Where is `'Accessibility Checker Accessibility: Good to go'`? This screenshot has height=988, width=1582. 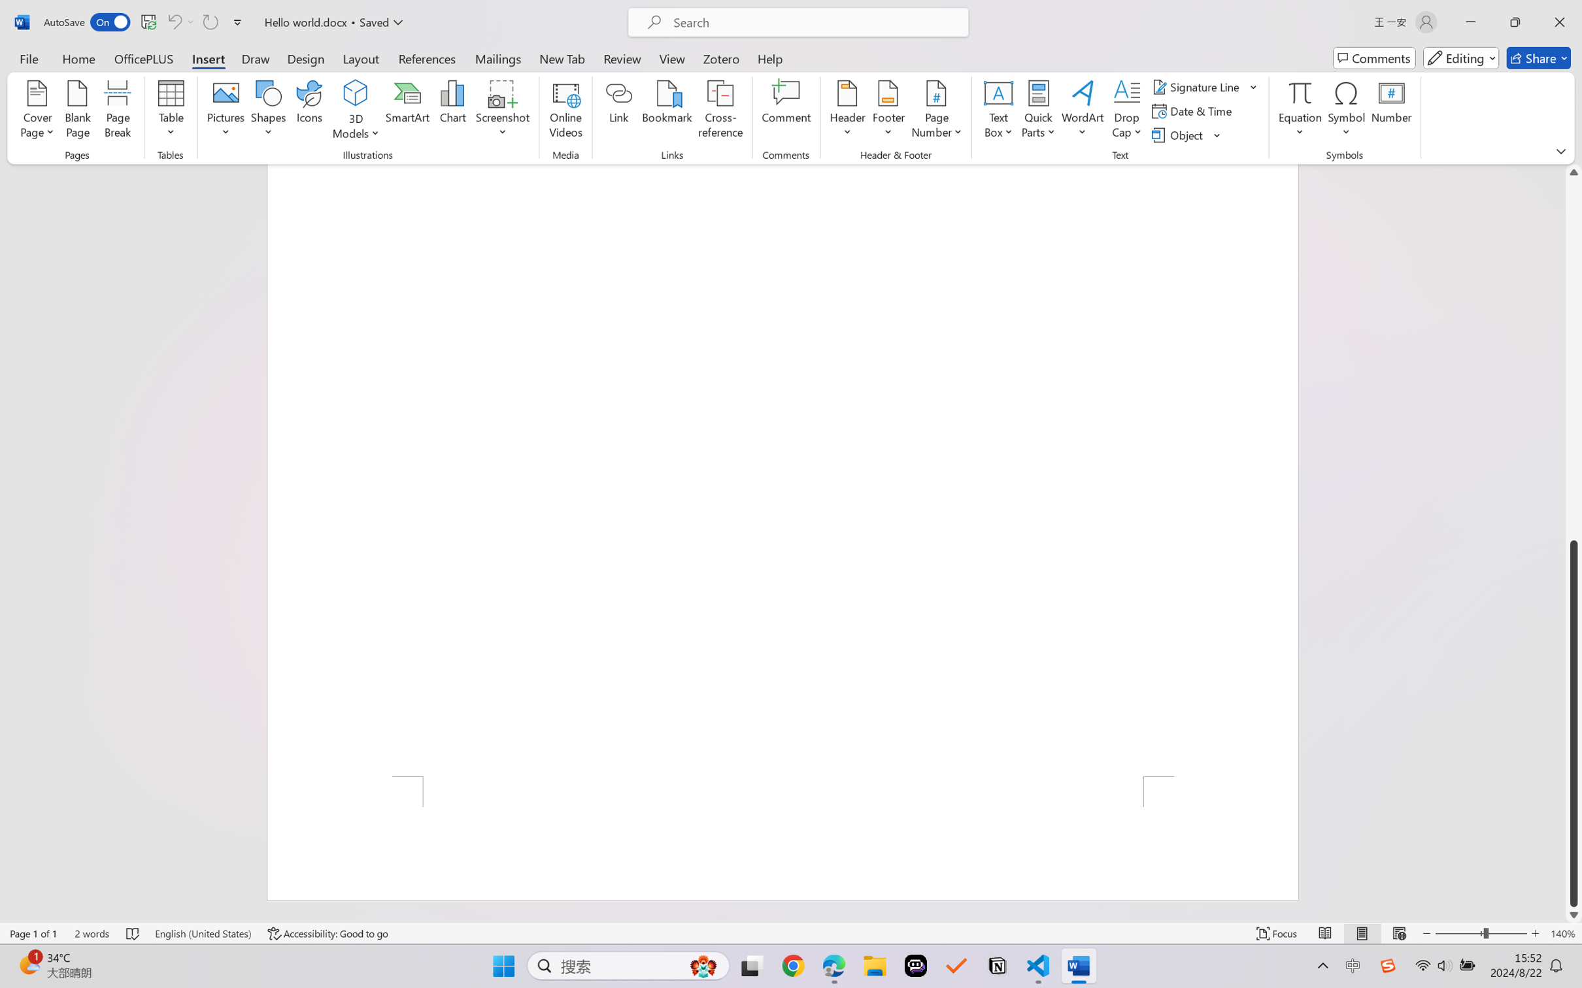
'Accessibility Checker Accessibility: Good to go' is located at coordinates (328, 933).